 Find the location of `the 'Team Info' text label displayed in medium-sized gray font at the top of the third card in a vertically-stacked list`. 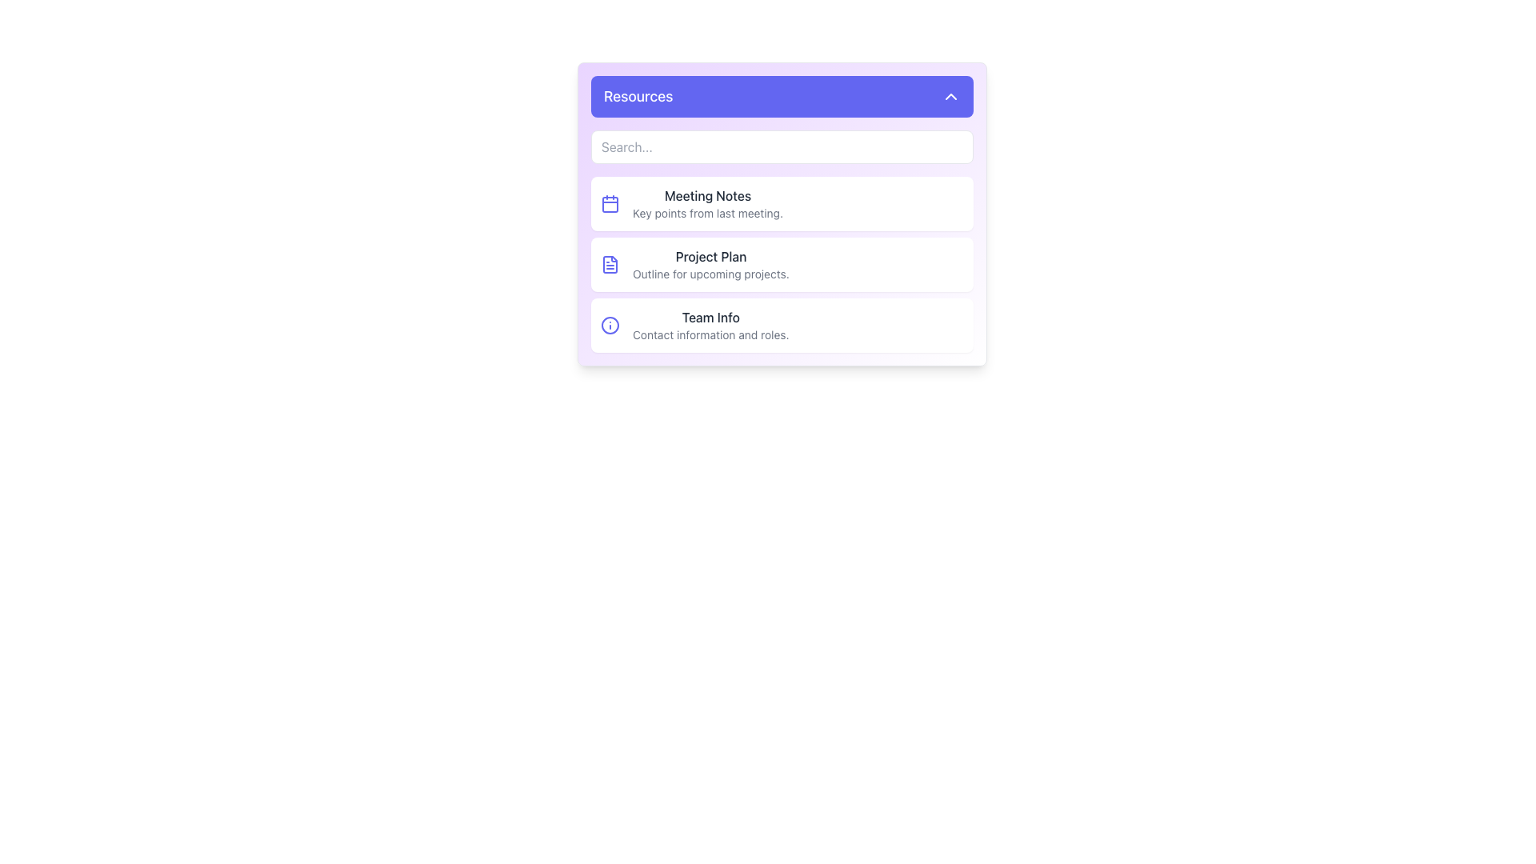

the 'Team Info' text label displayed in medium-sized gray font at the top of the third card in a vertically-stacked list is located at coordinates (710, 318).